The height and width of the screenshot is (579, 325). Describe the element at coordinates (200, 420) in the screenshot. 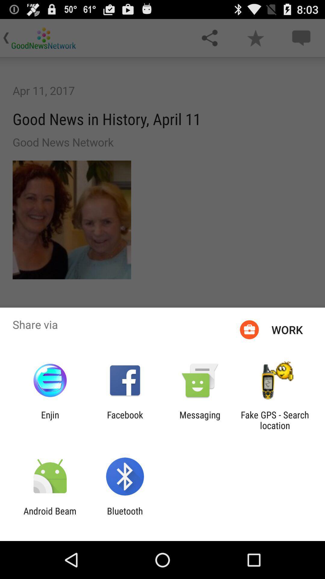

I see `the app to the right of facebook item` at that location.